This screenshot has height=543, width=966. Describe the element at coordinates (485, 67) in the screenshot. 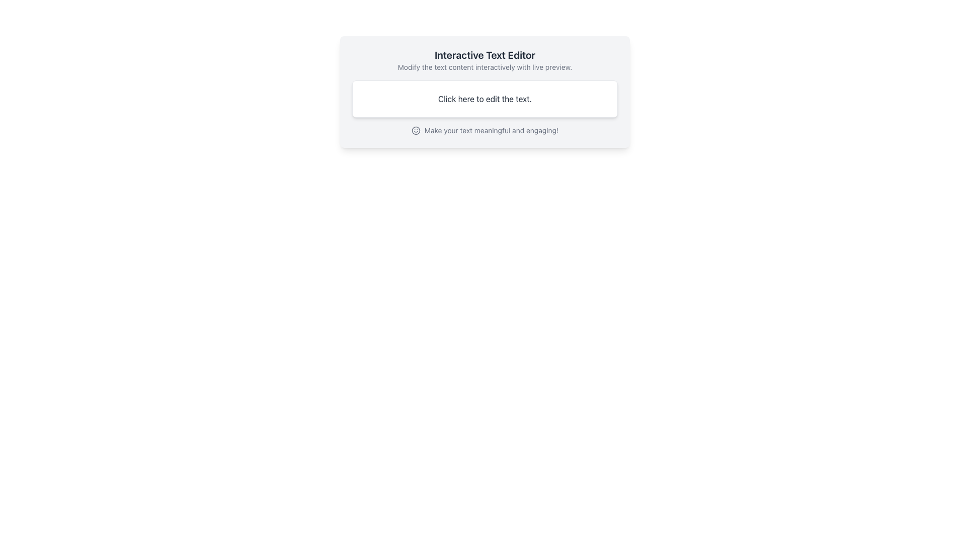

I see `the Text Label that provides guidance for the interactive text editor, located below the header 'Interactive Text Editor'` at that location.